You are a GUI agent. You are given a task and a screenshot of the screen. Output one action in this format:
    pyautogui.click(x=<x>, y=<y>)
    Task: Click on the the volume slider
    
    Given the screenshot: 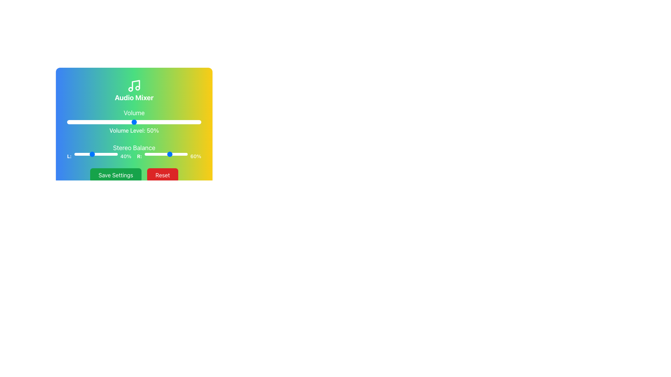 What is the action you would take?
    pyautogui.click(x=152, y=122)
    